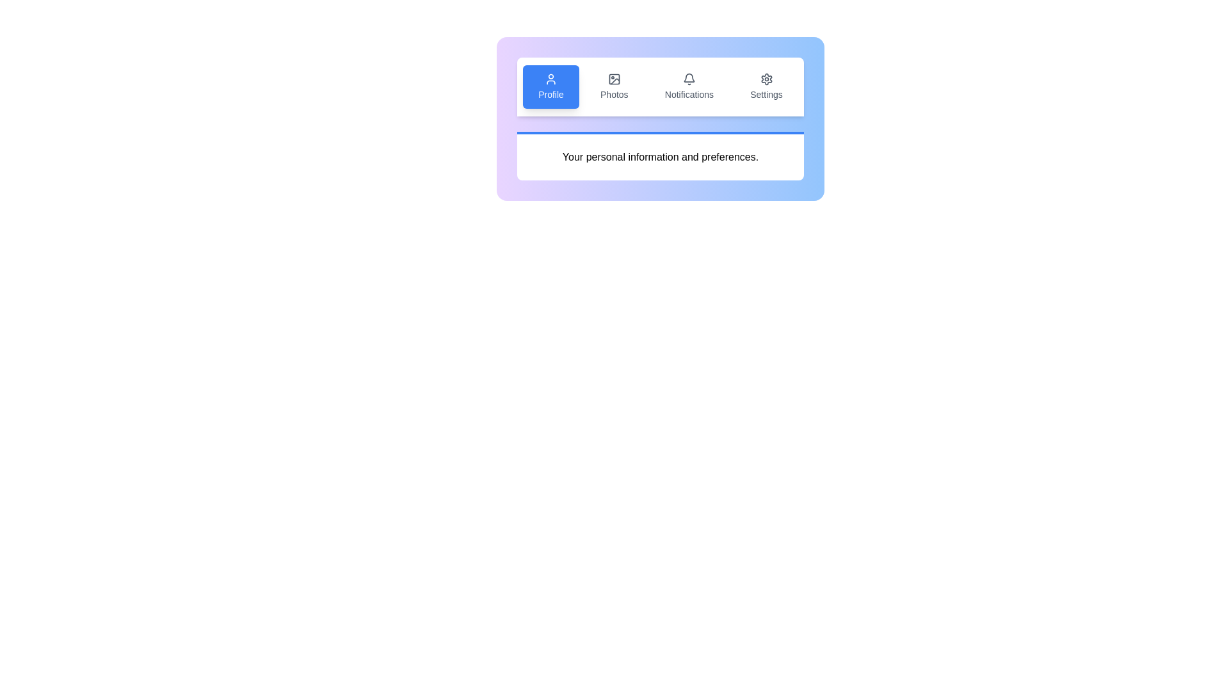 The height and width of the screenshot is (691, 1229). What do you see at coordinates (767, 86) in the screenshot?
I see `the Settings tab by clicking on its corresponding button` at bounding box center [767, 86].